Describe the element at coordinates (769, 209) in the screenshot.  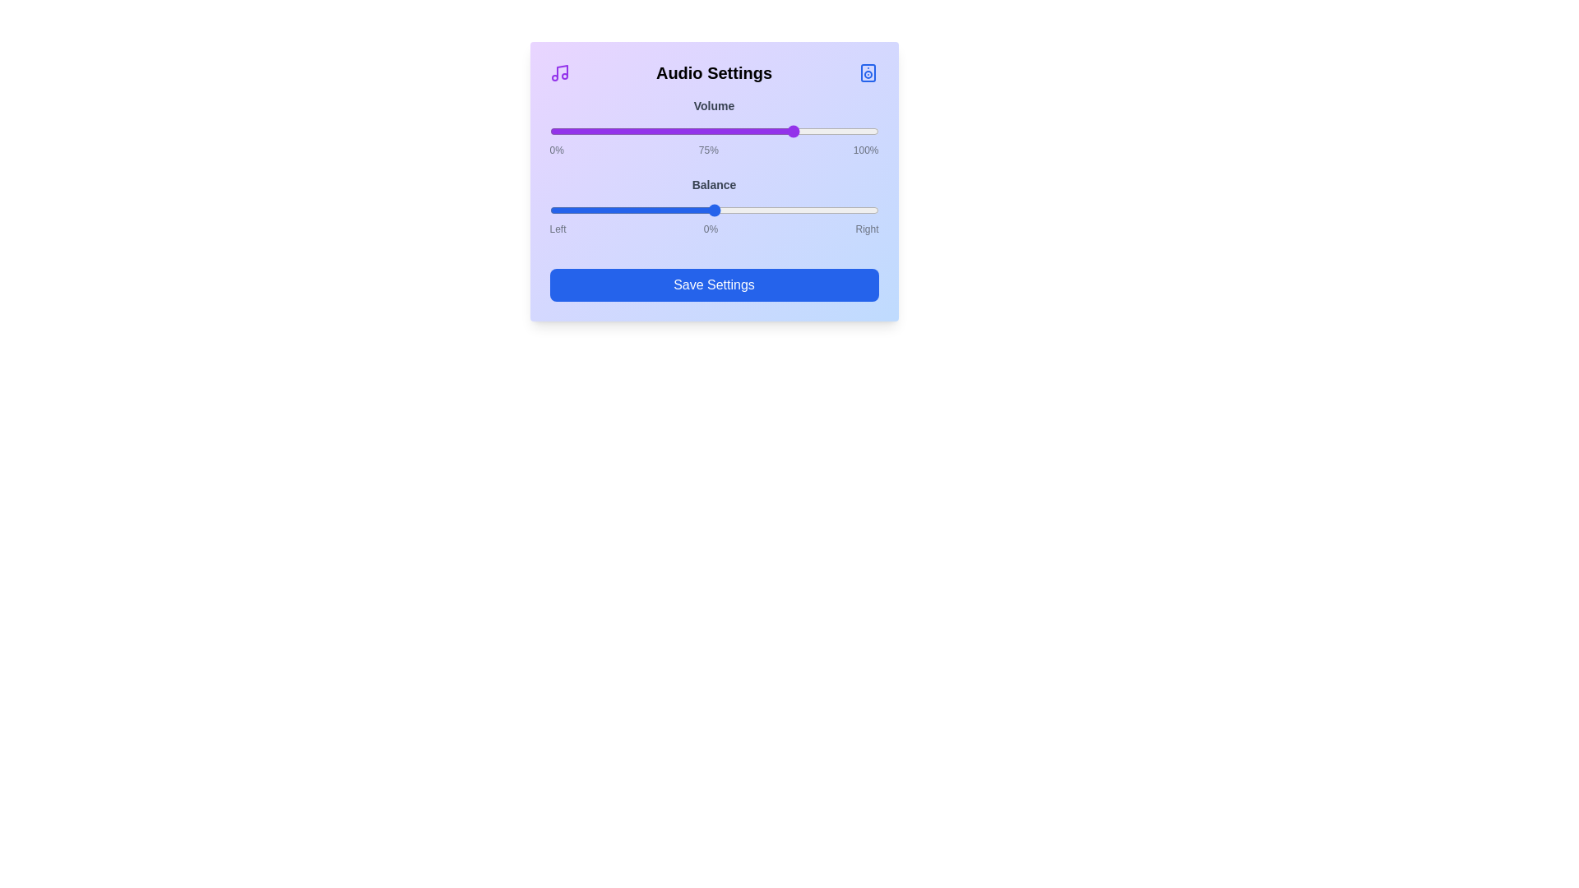
I see `the balance slider to 34` at that location.